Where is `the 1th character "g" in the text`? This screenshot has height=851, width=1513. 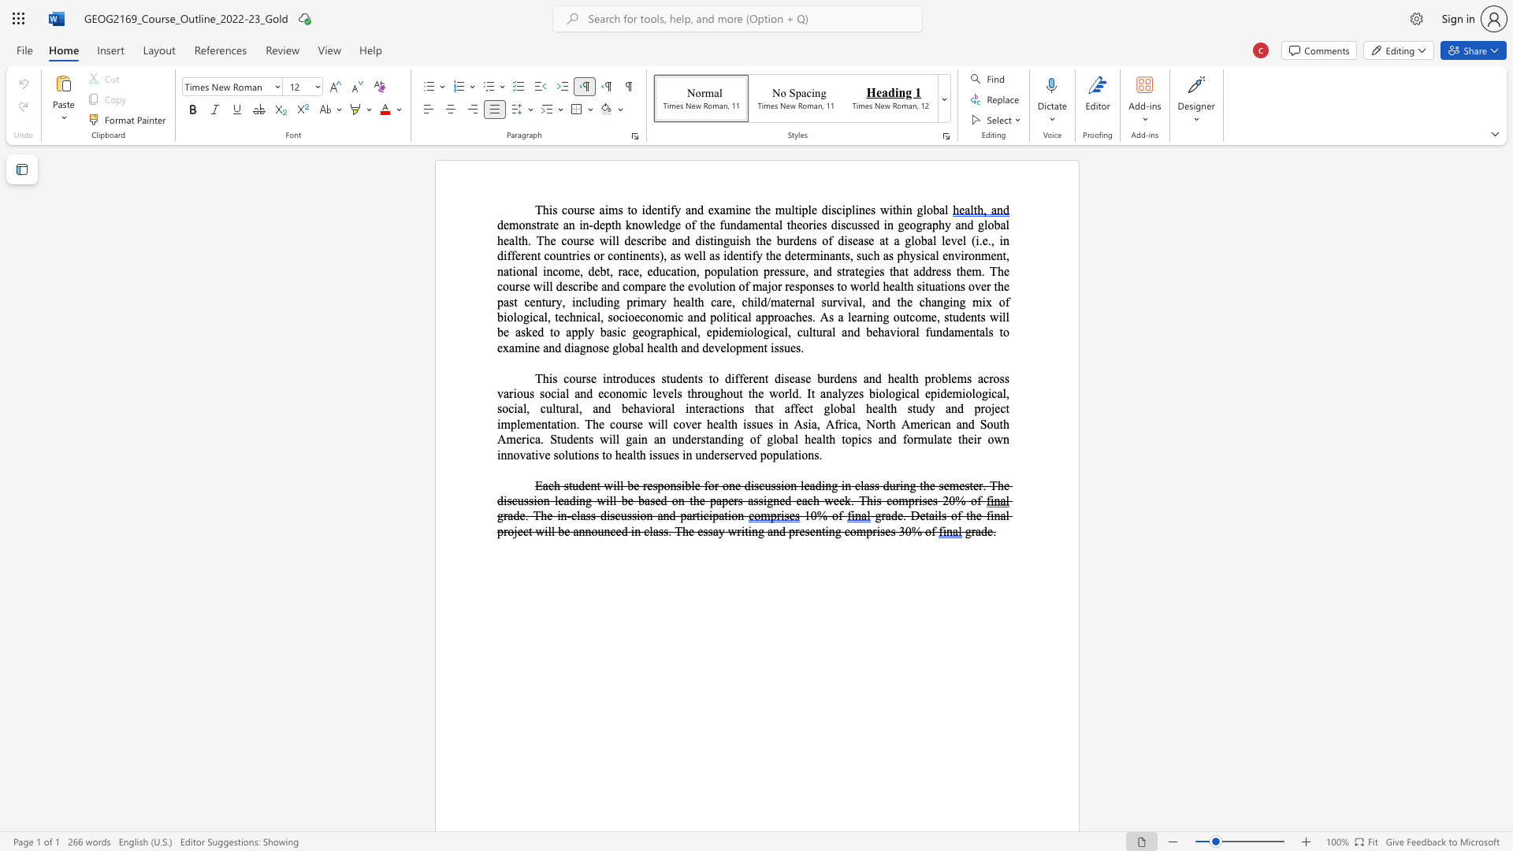 the 1th character "g" in the text is located at coordinates (886, 317).